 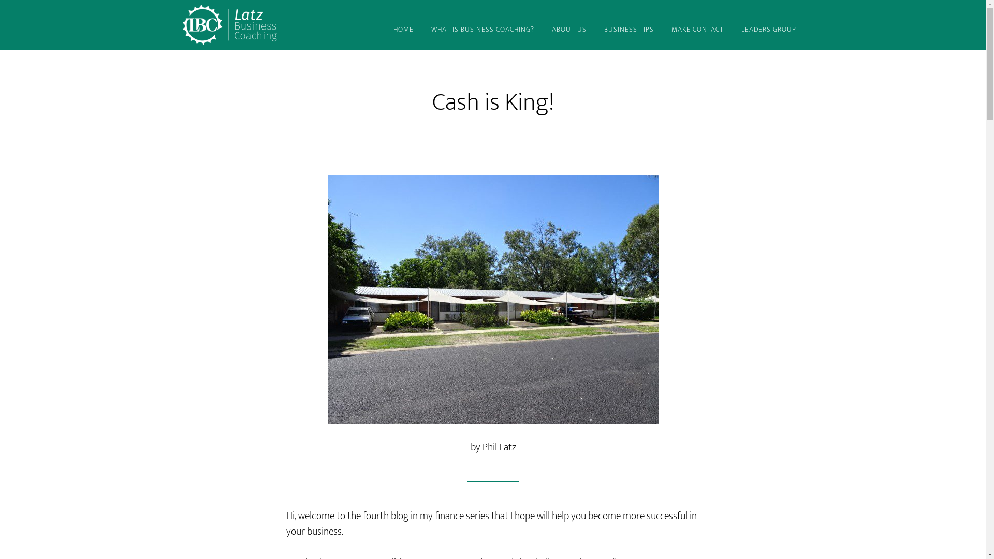 What do you see at coordinates (0, 0) in the screenshot?
I see `'Skip to main content'` at bounding box center [0, 0].